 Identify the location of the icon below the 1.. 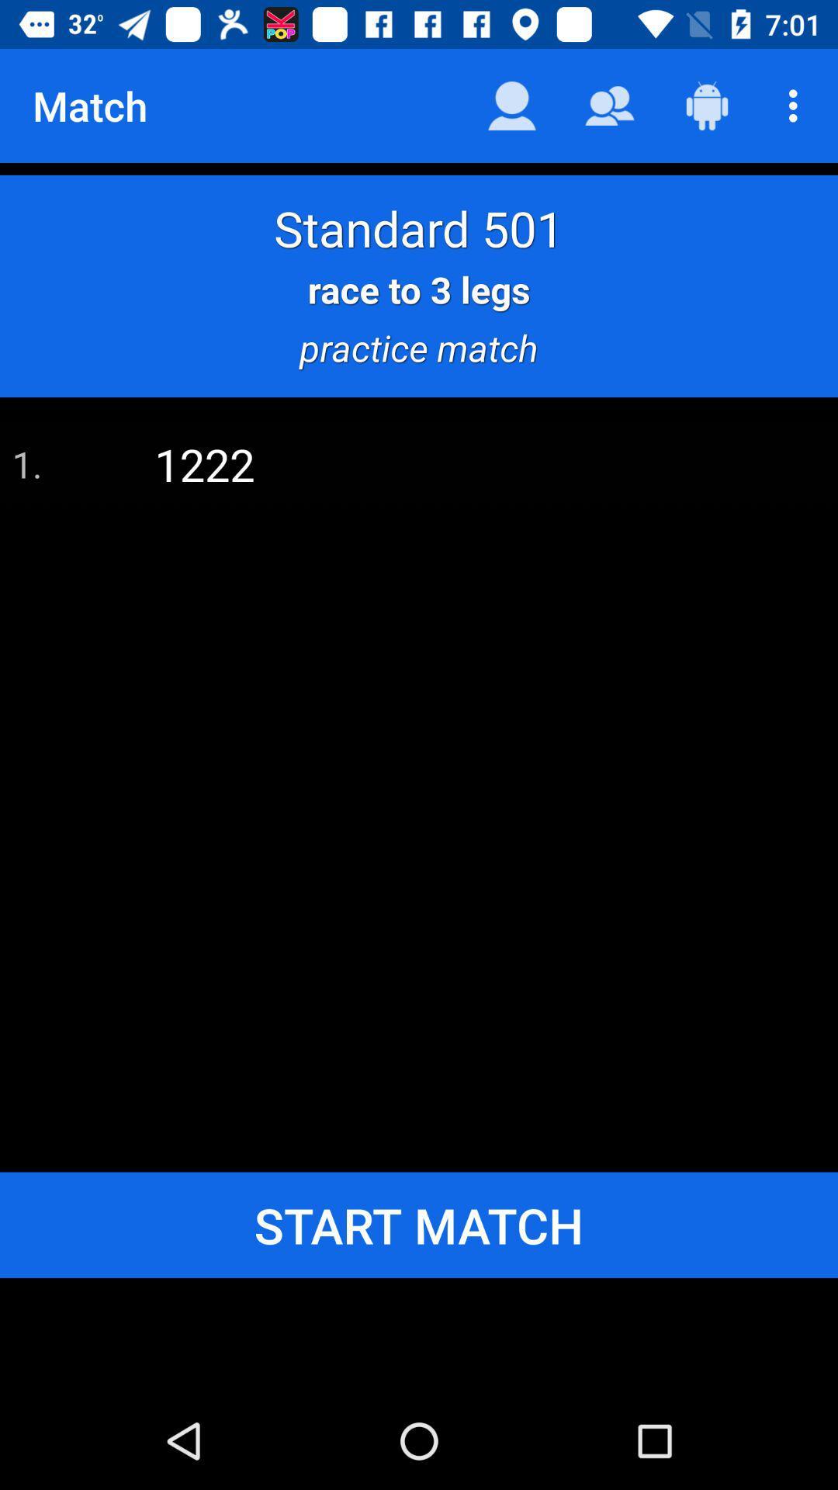
(419, 1224).